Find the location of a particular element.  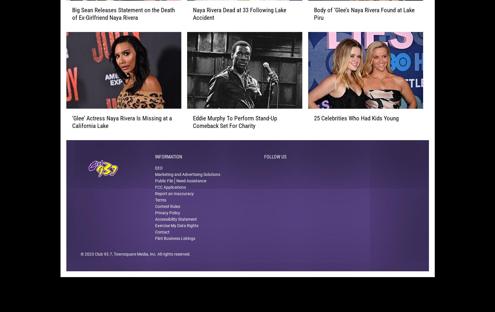

'Contact' is located at coordinates (162, 241).